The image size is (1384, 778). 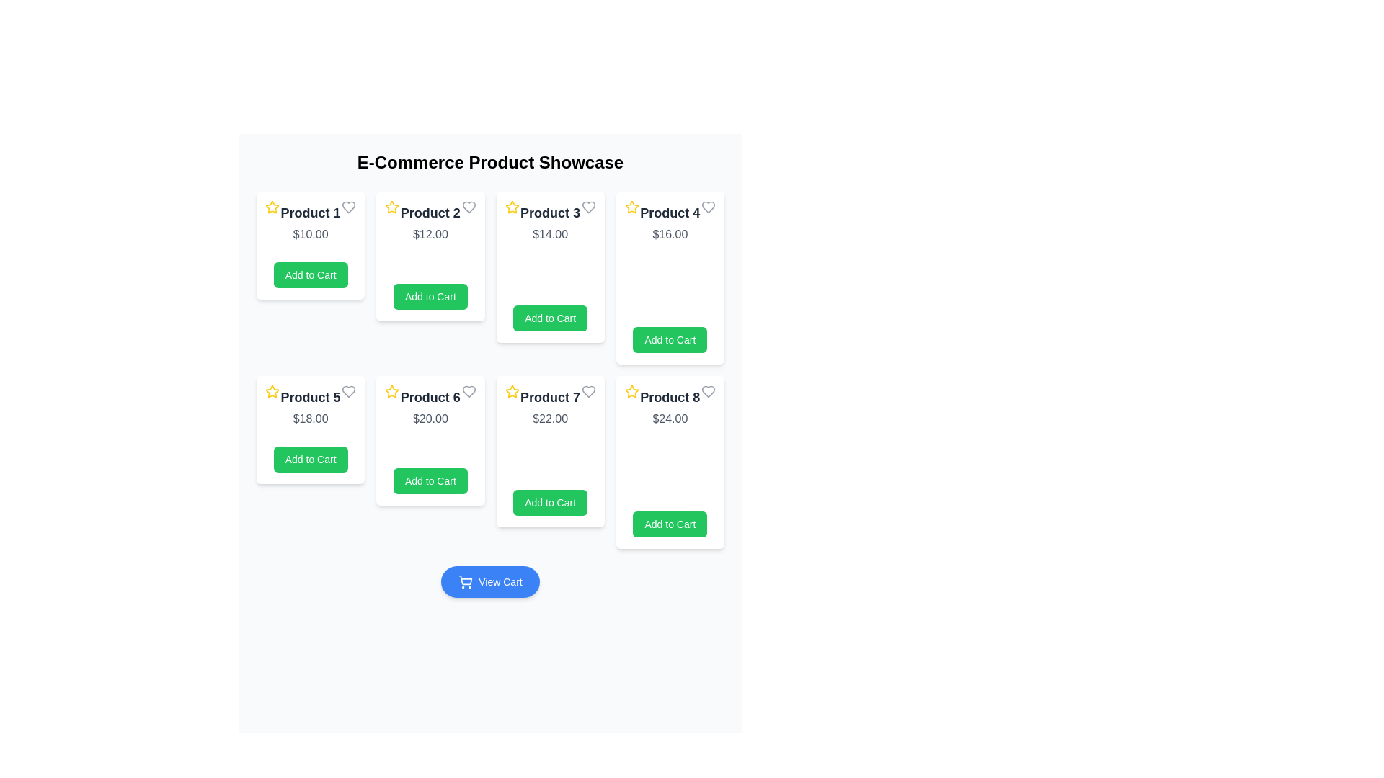 I want to click on the yellow star icon with a hollow center located at the top-left corner of Product 3's card to trigger its animation effects, so click(x=512, y=207).